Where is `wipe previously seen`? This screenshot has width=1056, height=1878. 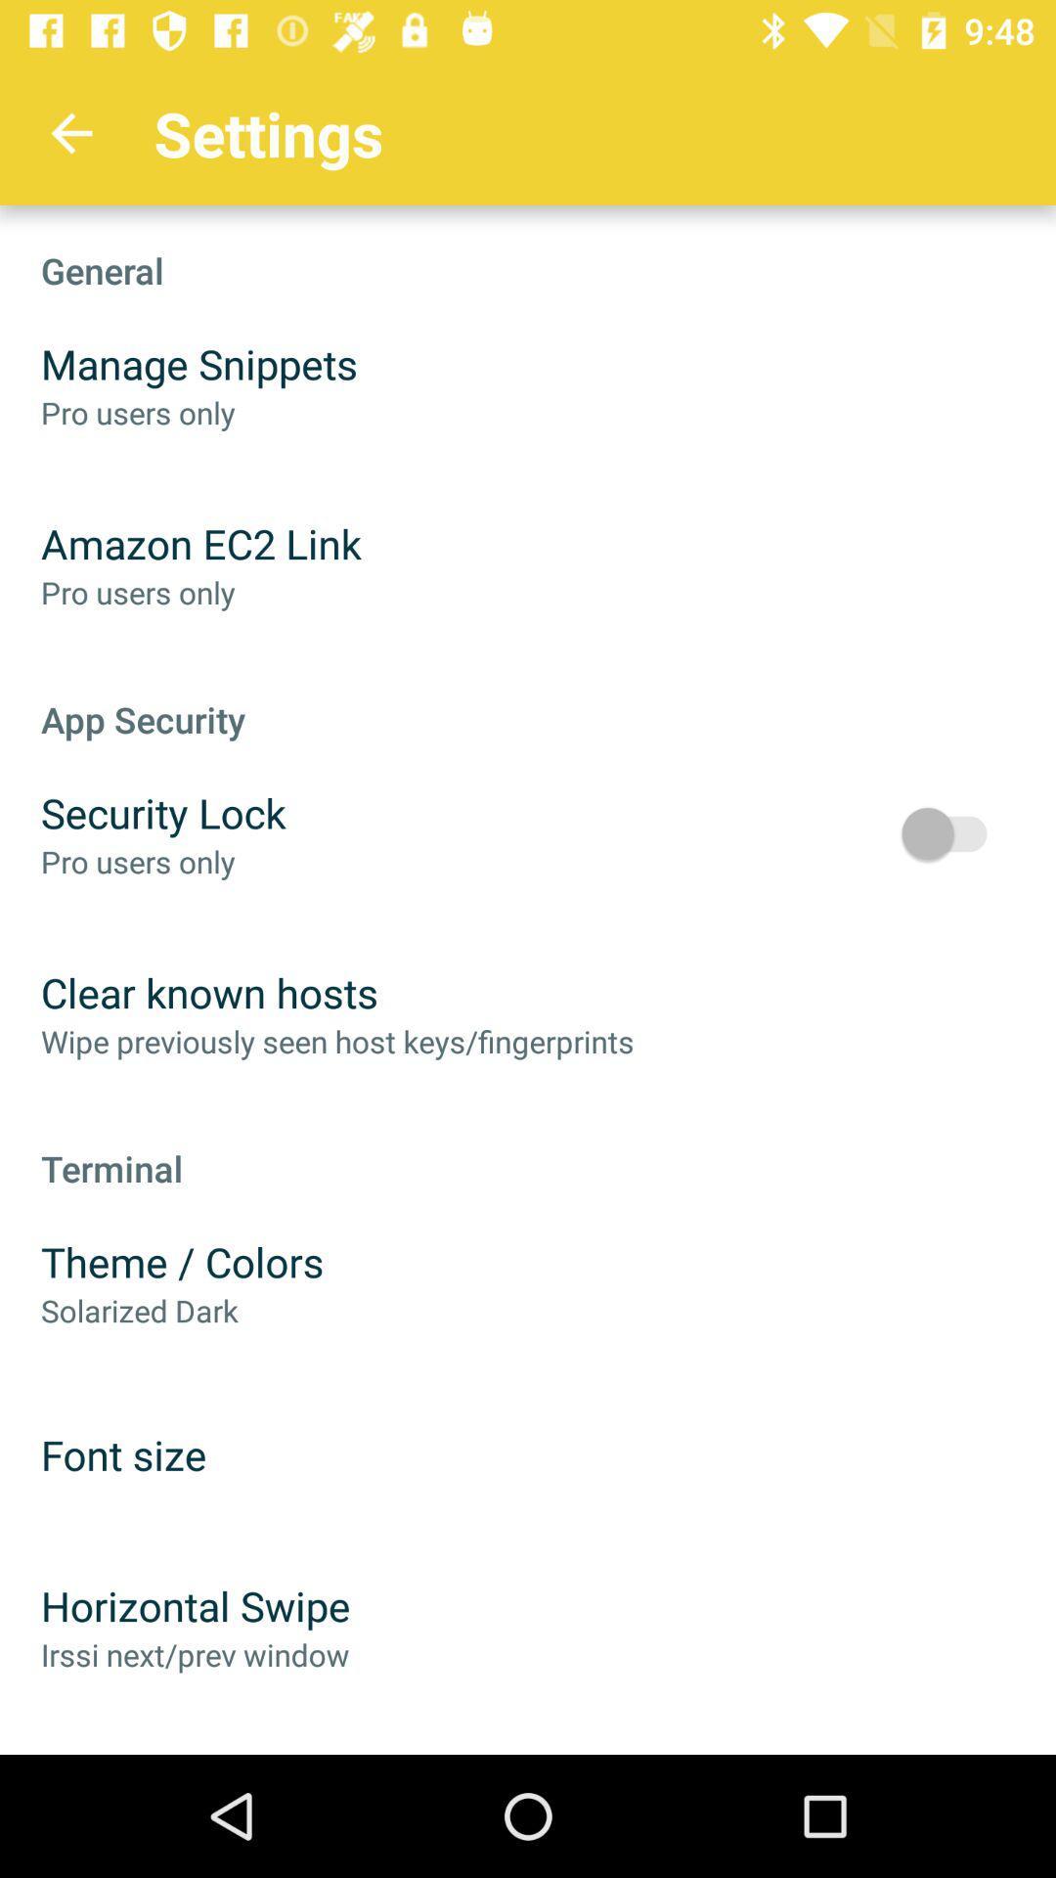
wipe previously seen is located at coordinates (336, 1040).